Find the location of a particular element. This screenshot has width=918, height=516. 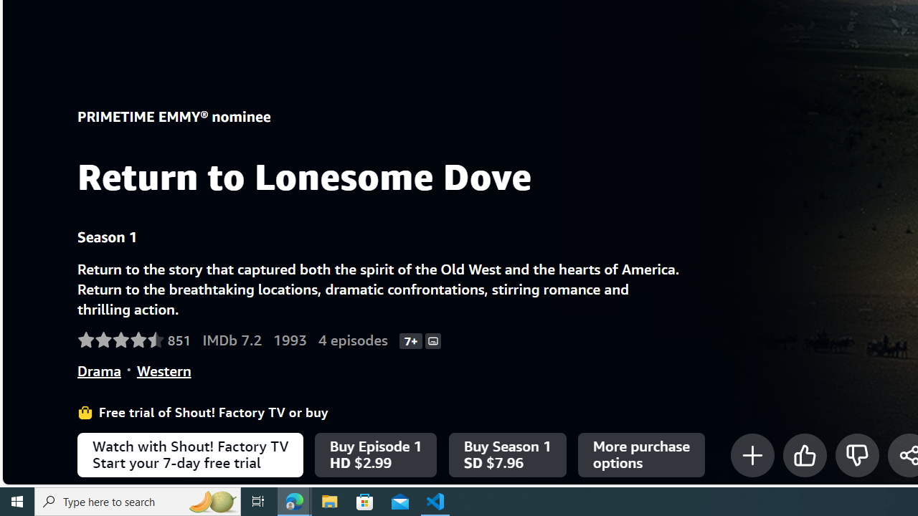

'Drama' is located at coordinates (98, 370).